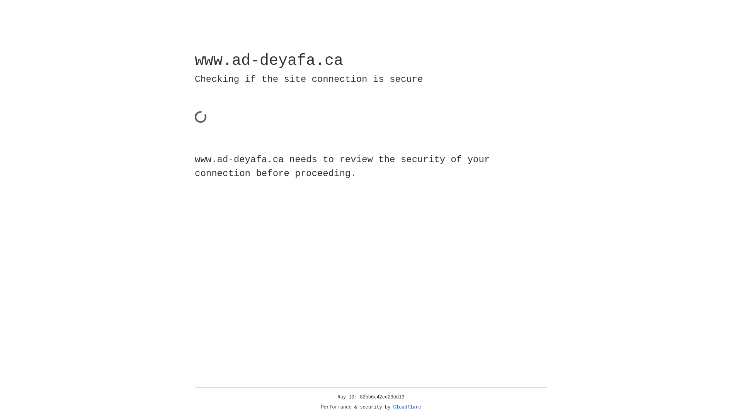 Image resolution: width=742 pixels, height=417 pixels. I want to click on 'Cloudflare', so click(393, 407).